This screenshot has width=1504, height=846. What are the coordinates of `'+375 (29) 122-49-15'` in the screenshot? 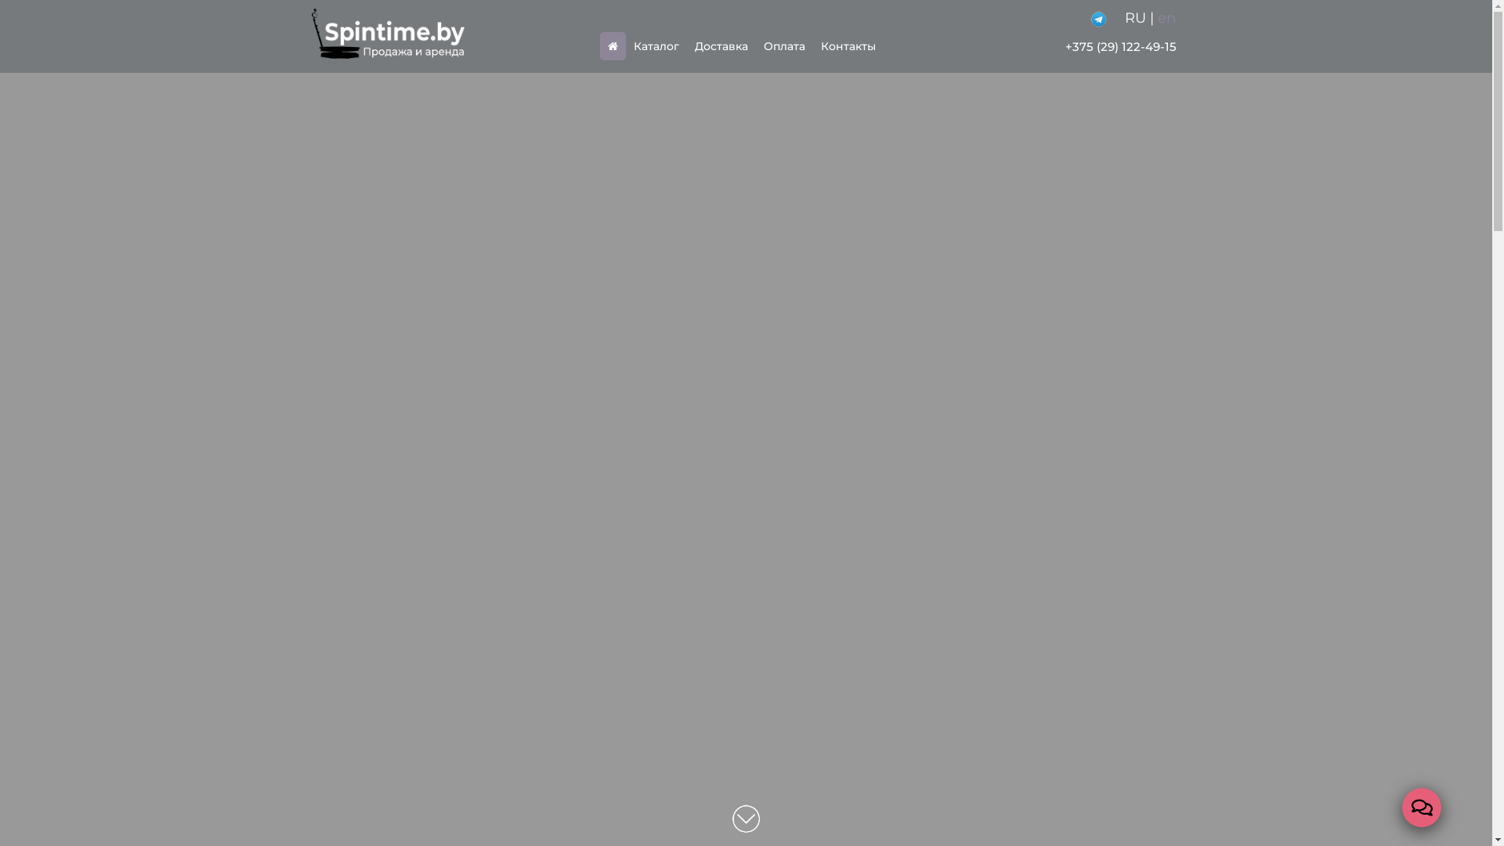 It's located at (1119, 46).